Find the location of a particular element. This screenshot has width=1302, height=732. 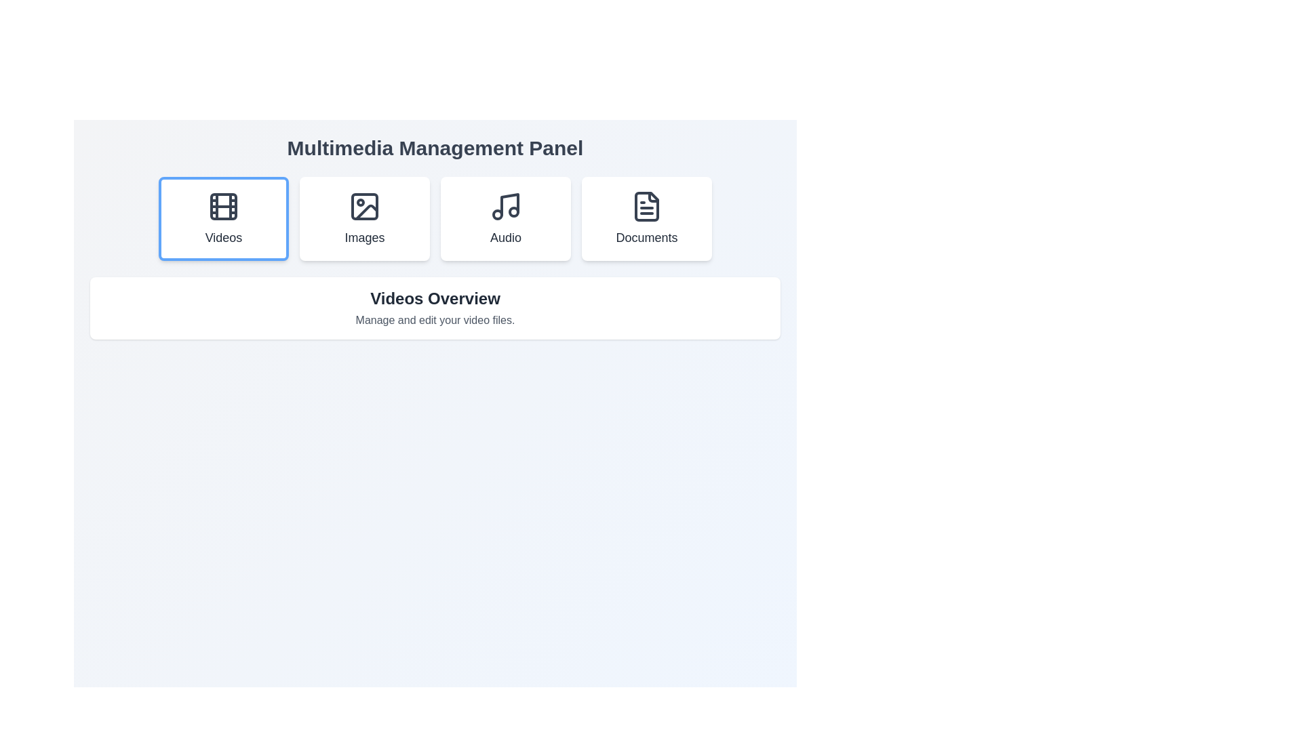

the 'Documents' icon located at the rightmost position in the row of four buttons at the top center of the multimedia management panel is located at coordinates (646, 206).